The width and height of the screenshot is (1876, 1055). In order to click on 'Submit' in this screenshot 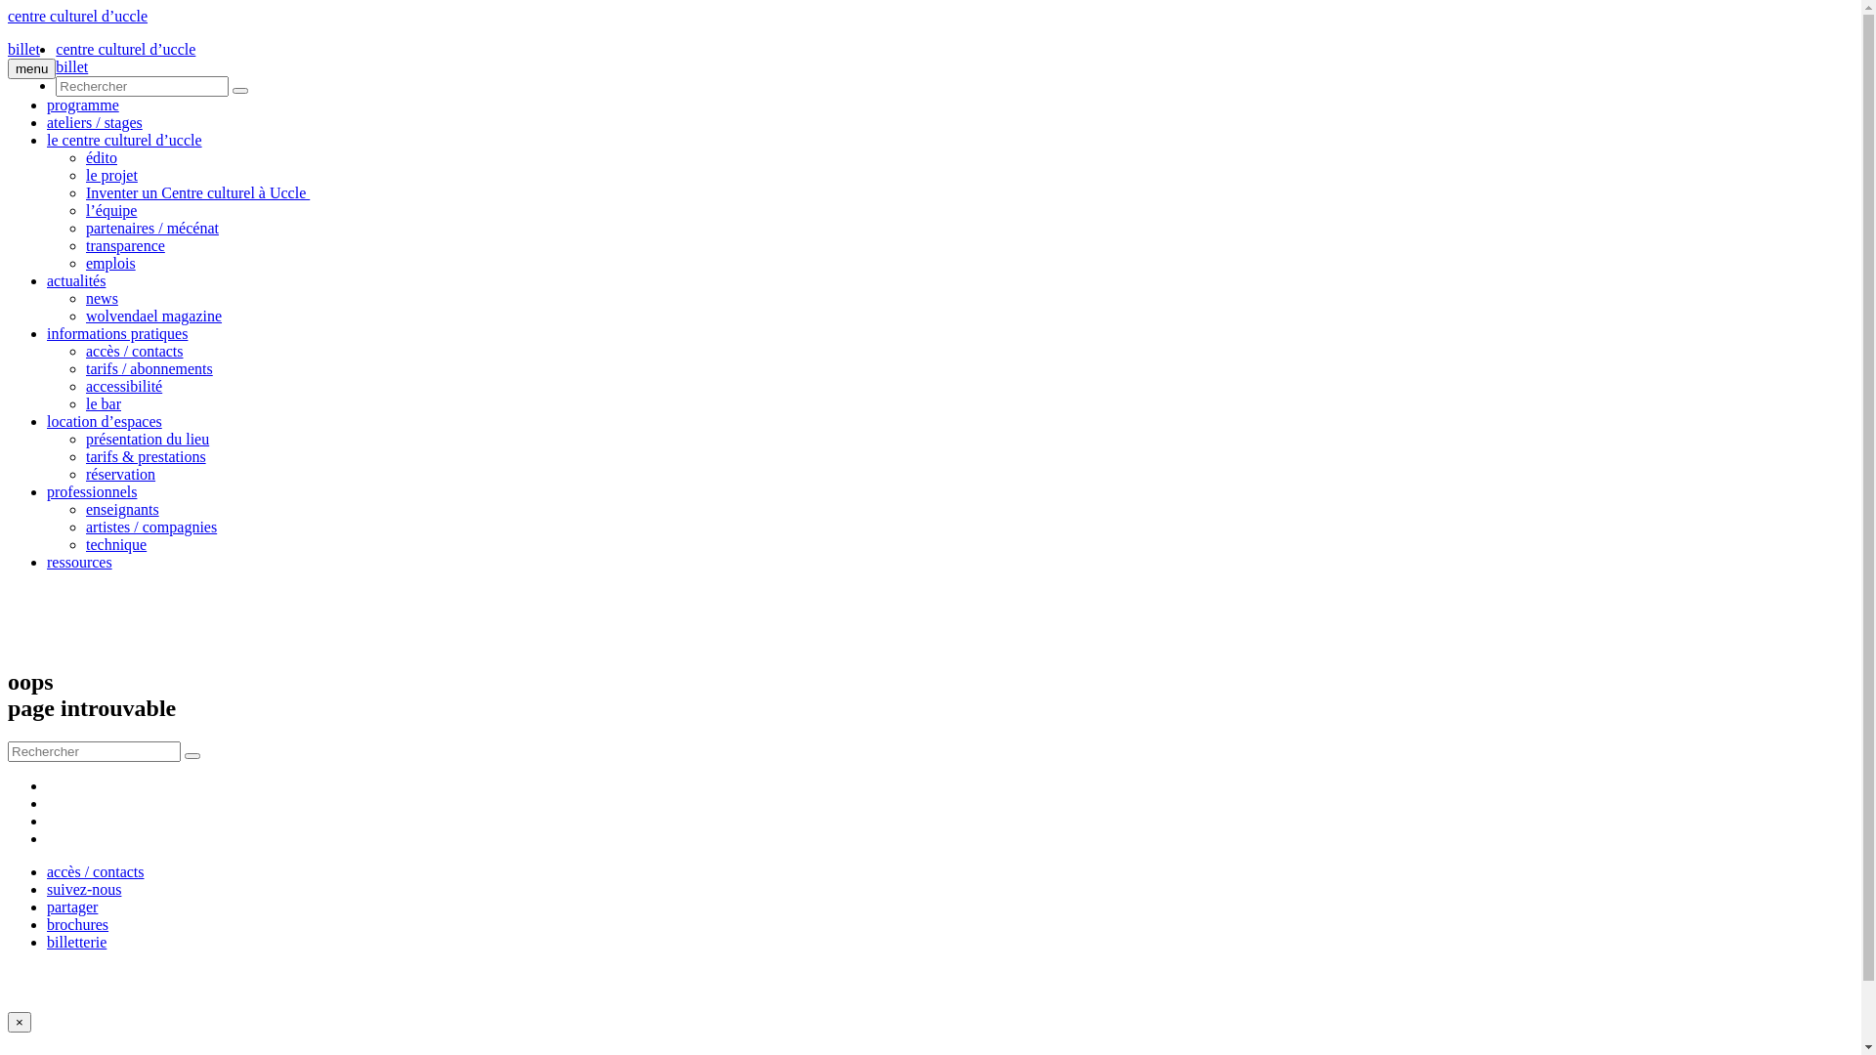, I will do `click(238, 90)`.